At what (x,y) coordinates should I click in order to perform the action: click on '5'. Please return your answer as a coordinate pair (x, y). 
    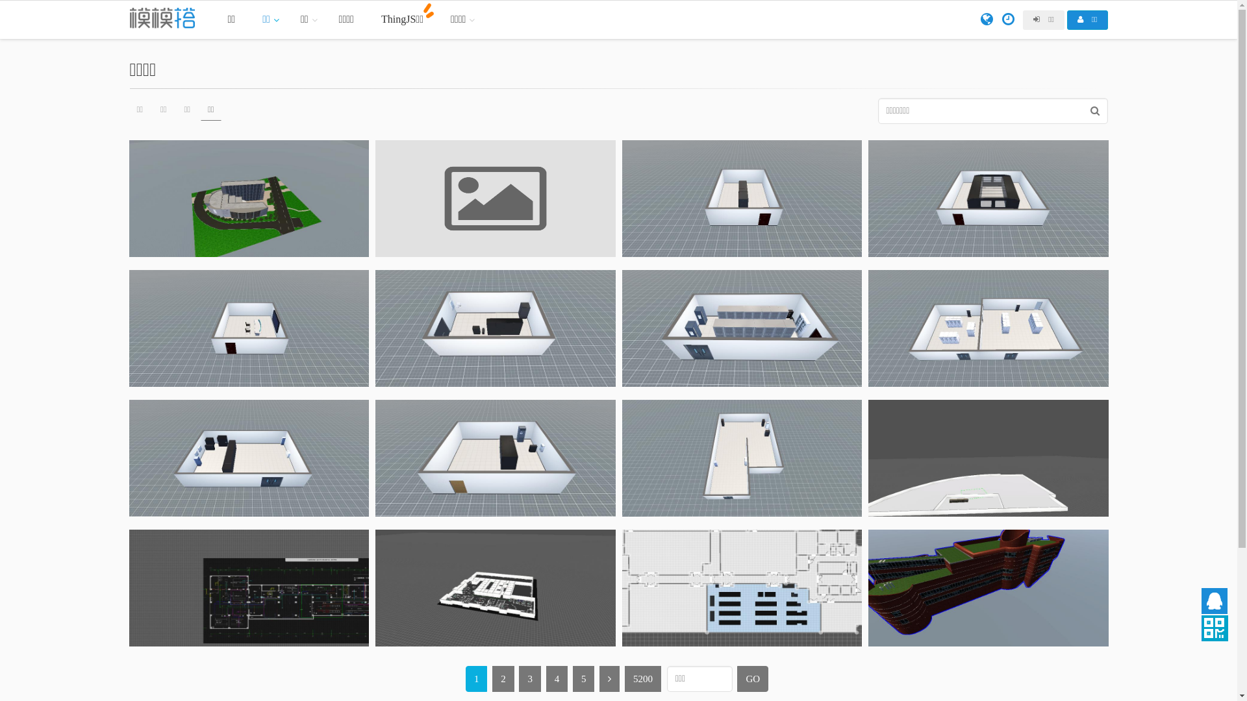
    Looking at the image, I should click on (583, 678).